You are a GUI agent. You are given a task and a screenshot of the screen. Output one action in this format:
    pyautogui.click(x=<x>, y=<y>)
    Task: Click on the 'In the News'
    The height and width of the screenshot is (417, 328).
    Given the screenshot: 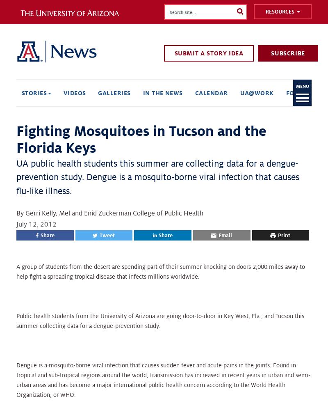 What is the action you would take?
    pyautogui.click(x=162, y=92)
    